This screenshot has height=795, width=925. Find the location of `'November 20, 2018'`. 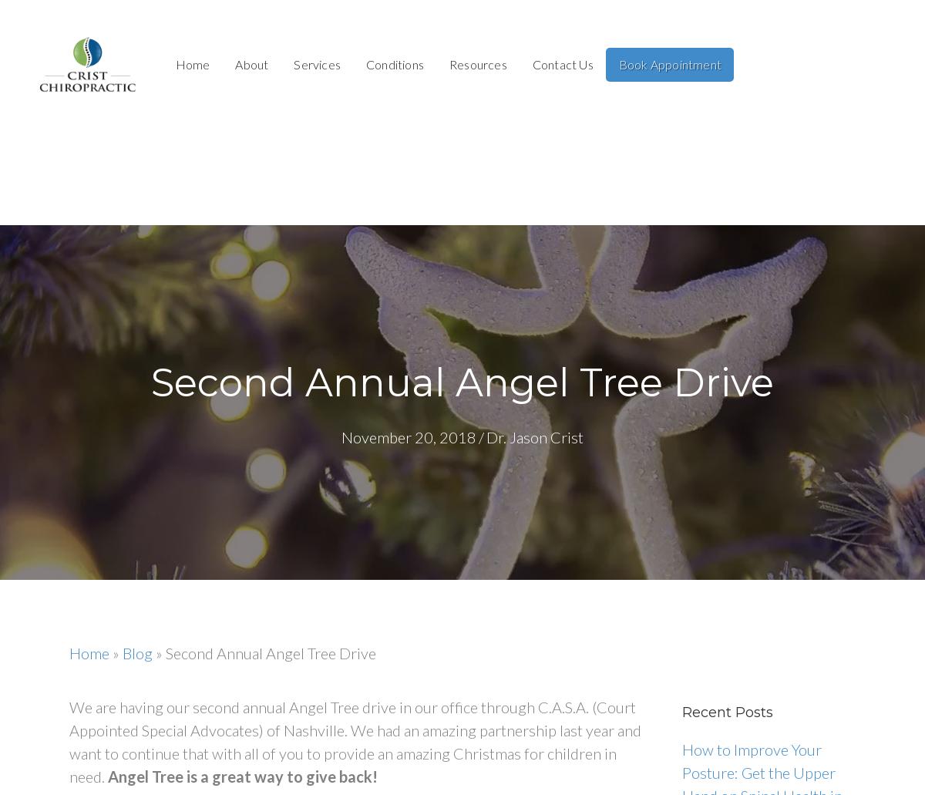

'November 20, 2018' is located at coordinates (408, 436).